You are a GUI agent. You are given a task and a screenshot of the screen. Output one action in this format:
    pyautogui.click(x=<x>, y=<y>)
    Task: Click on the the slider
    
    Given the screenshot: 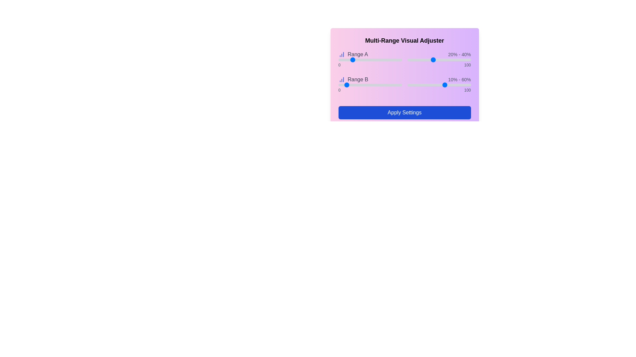 What is the action you would take?
    pyautogui.click(x=414, y=60)
    